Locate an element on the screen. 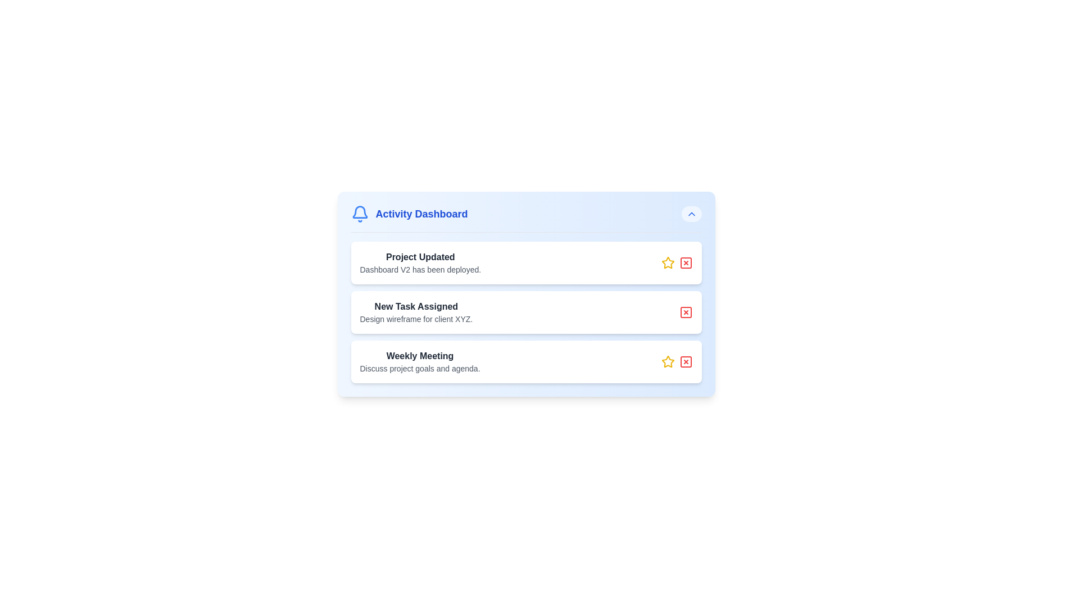 Image resolution: width=1079 pixels, height=607 pixels. text content of the bold title in the upper portion of the notification card, which is located above the description line that states 'Dashboard V2 has been deployed.' is located at coordinates (420, 257).